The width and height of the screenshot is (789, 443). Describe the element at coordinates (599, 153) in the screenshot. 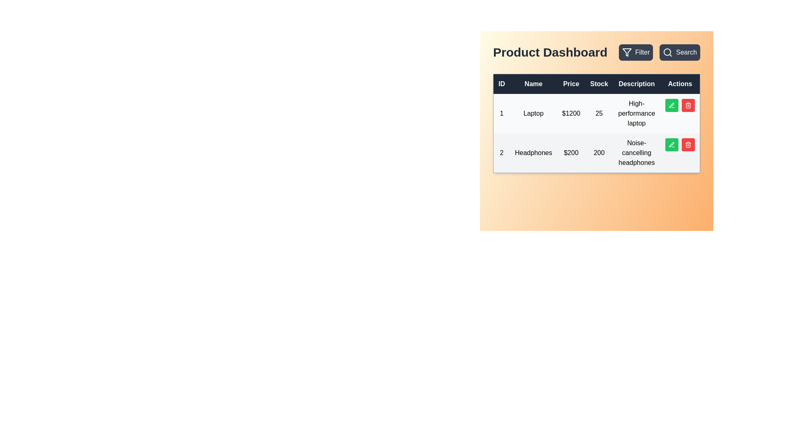

I see `the text label displaying the stock quantity for 'Headphones' located in the second row under the 'Stock' column of the table` at that location.